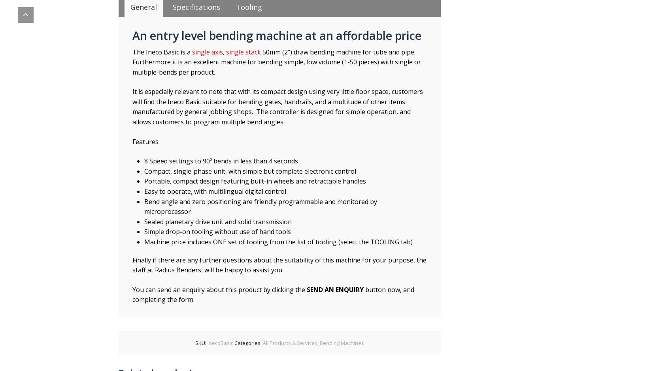 The image size is (672, 371). What do you see at coordinates (143, 7) in the screenshot?
I see `'General'` at bounding box center [143, 7].